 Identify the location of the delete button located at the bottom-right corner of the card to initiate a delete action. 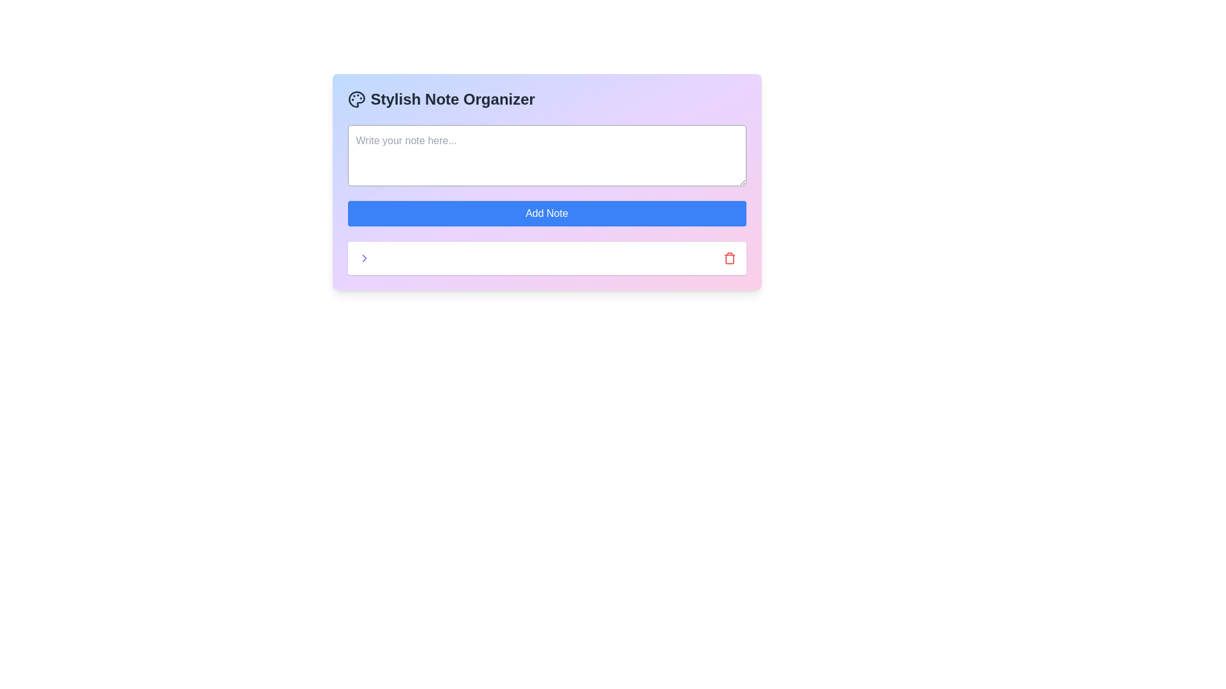
(729, 258).